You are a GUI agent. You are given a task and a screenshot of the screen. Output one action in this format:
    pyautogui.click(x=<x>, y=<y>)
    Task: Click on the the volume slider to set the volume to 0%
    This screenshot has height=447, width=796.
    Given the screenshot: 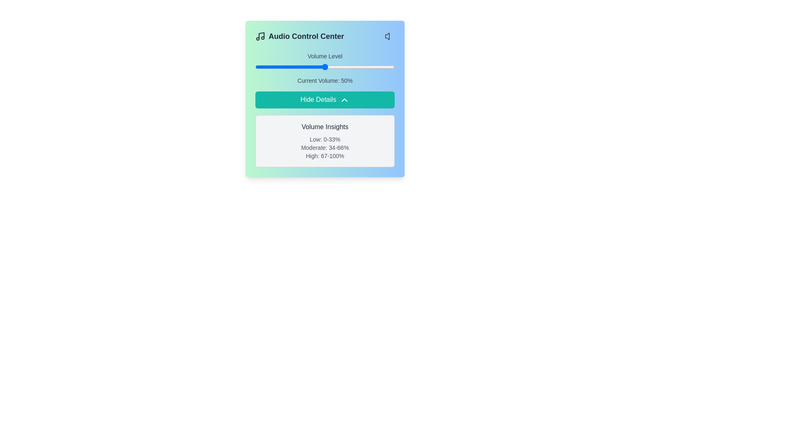 What is the action you would take?
    pyautogui.click(x=255, y=67)
    